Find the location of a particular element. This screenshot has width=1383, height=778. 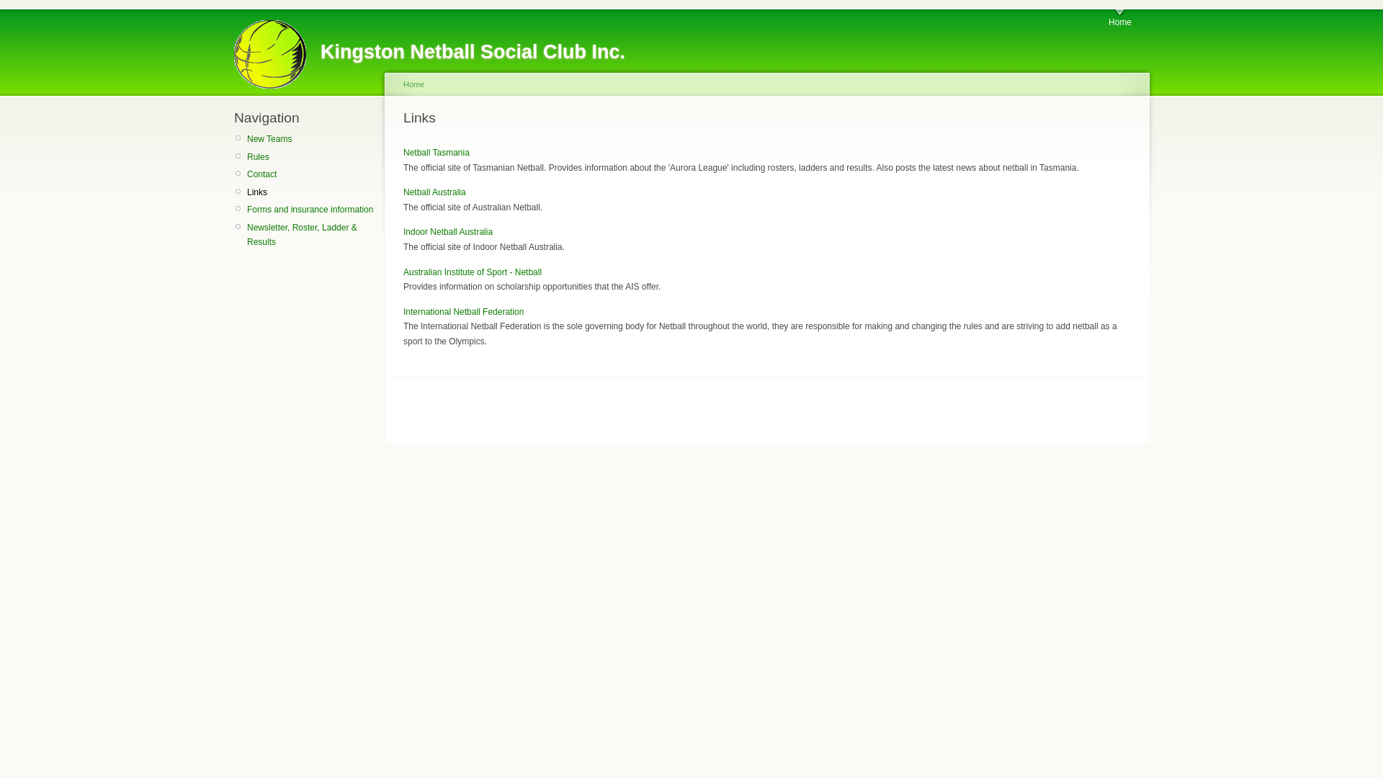

'Kingston Netball Social Club Inc.' is located at coordinates (473, 51).